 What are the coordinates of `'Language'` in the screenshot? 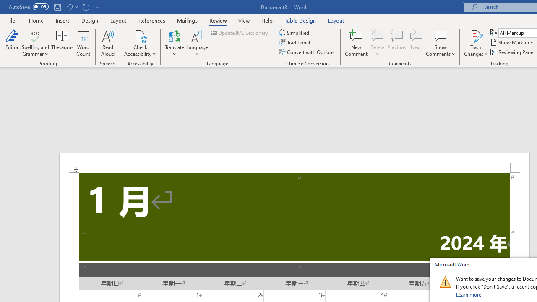 It's located at (197, 43).